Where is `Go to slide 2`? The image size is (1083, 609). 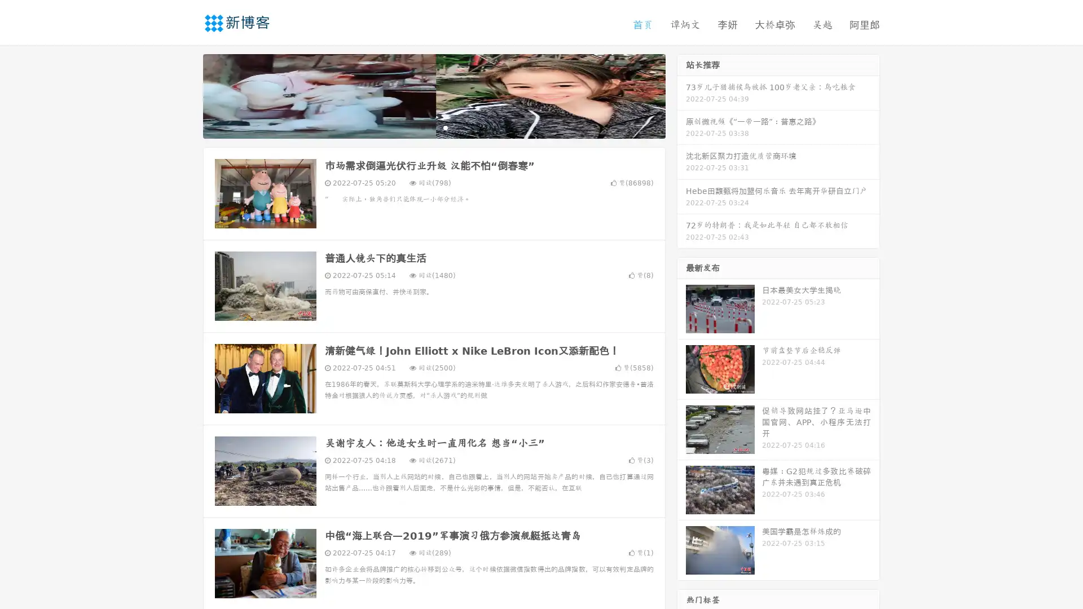 Go to slide 2 is located at coordinates (433, 127).